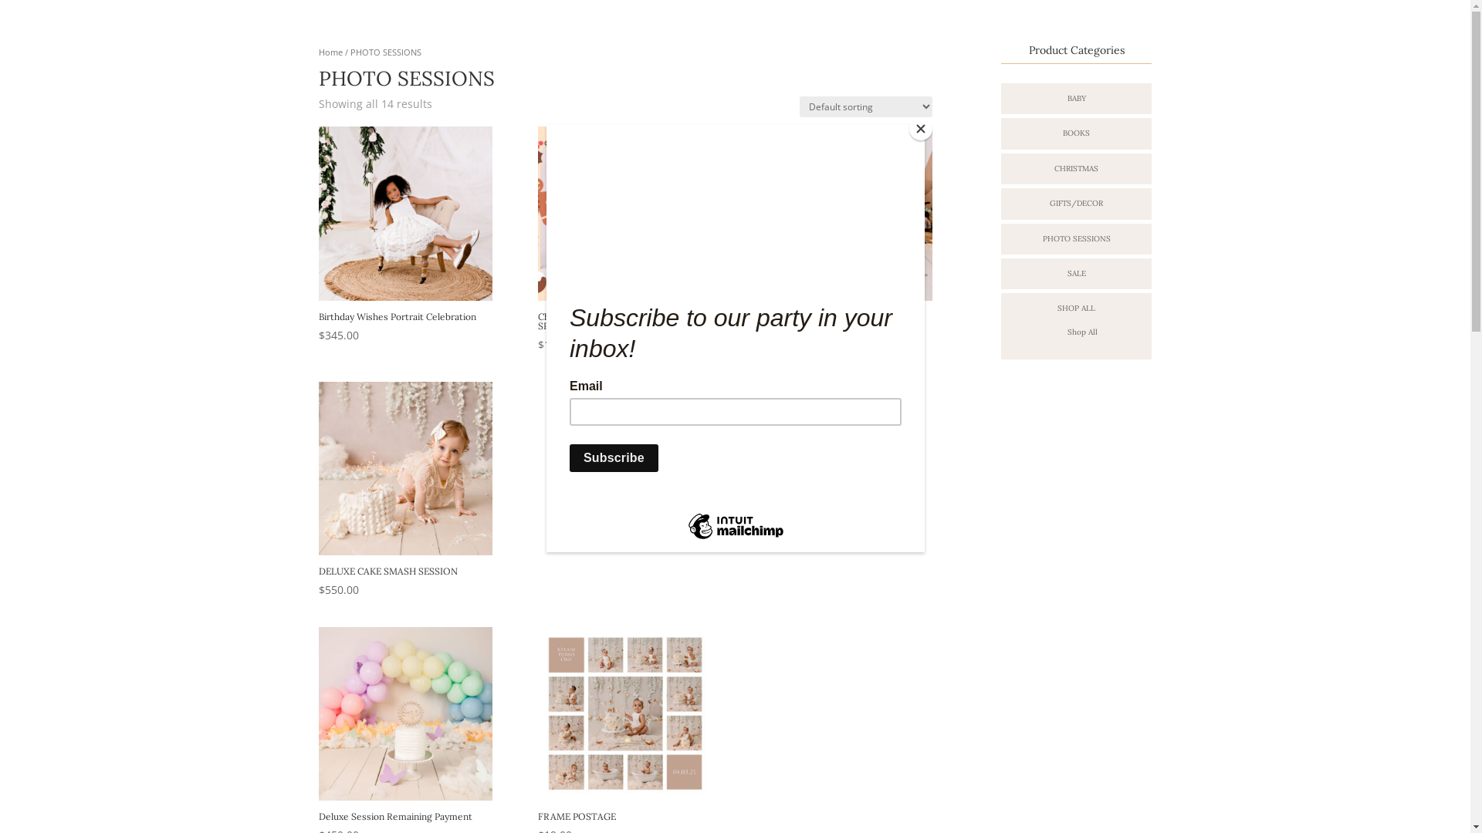 The height and width of the screenshot is (833, 1482). Describe the element at coordinates (1075, 202) in the screenshot. I see `'GIFTS/DECOR'` at that location.